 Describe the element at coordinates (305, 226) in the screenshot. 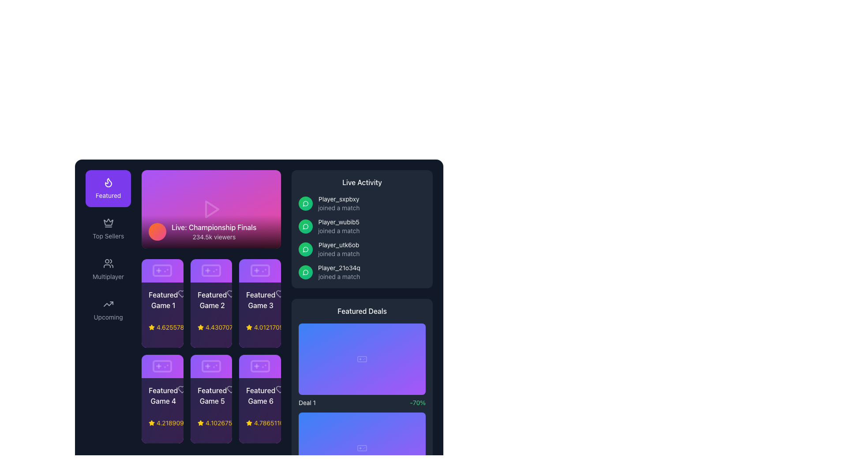

I see `the vector icon component that resembles a speech bubble, located in the 'Live Activity' section under the title 'Live Activity'` at that location.